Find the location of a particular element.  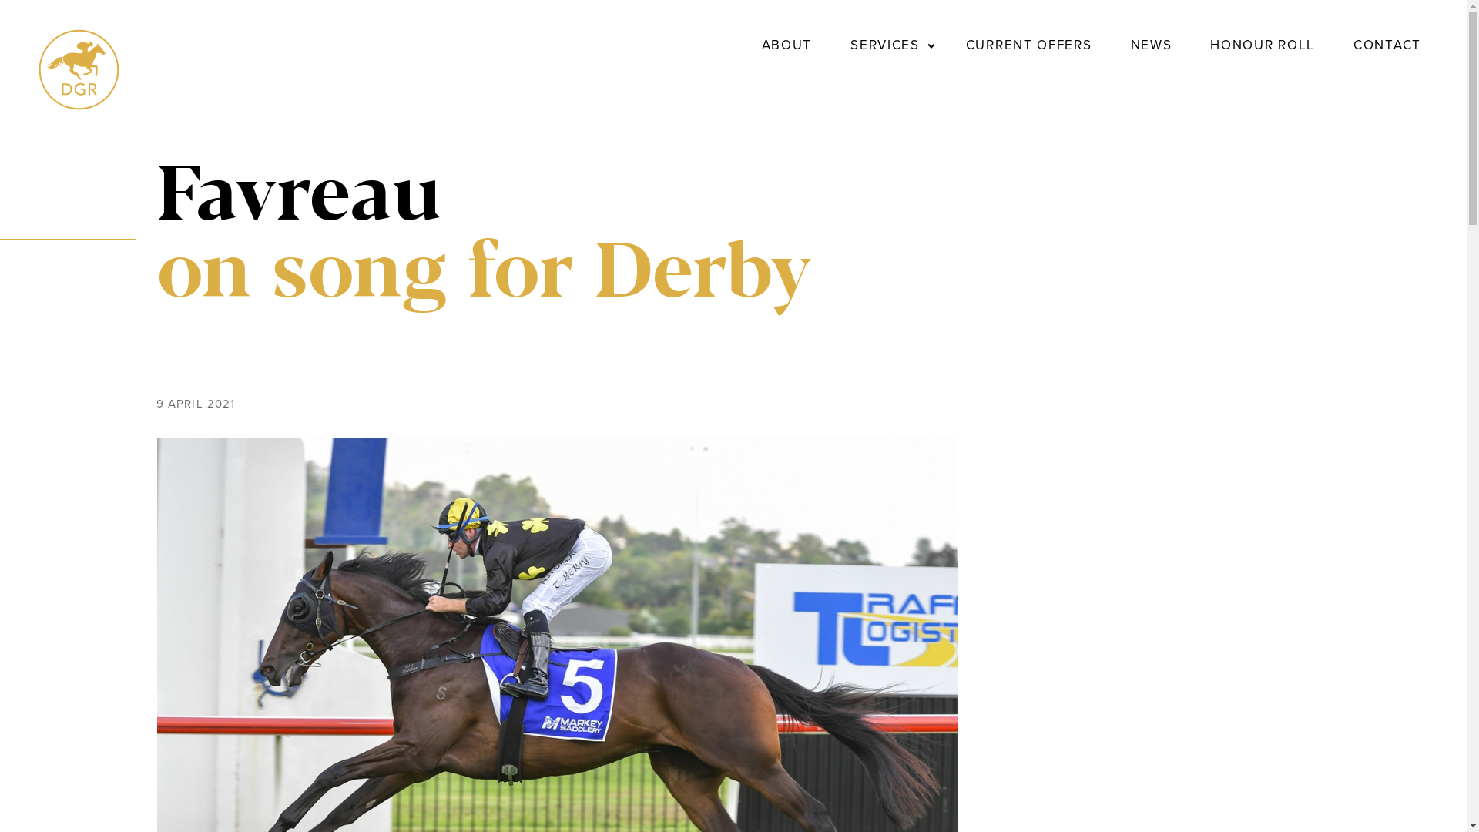

'ABOUT' is located at coordinates (787, 44).